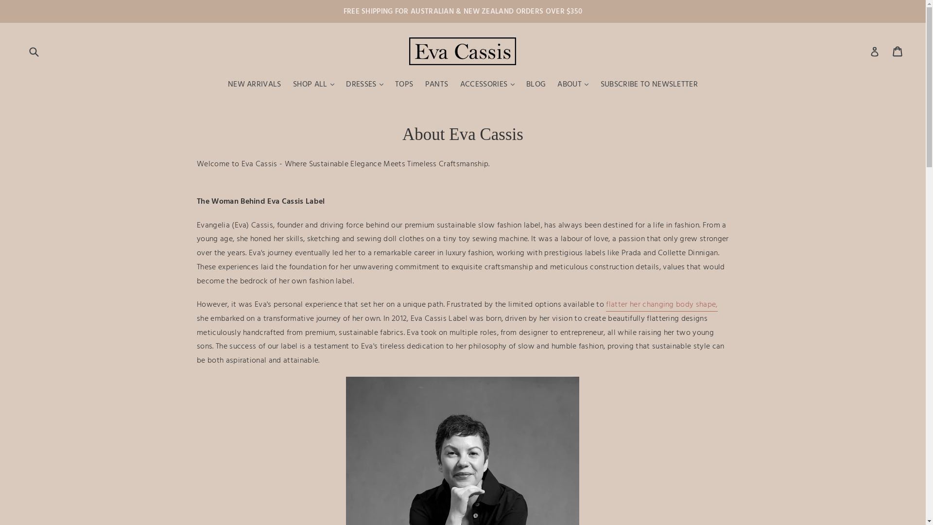 The width and height of the screenshot is (933, 525). Describe the element at coordinates (898, 51) in the screenshot. I see `'Cart'` at that location.